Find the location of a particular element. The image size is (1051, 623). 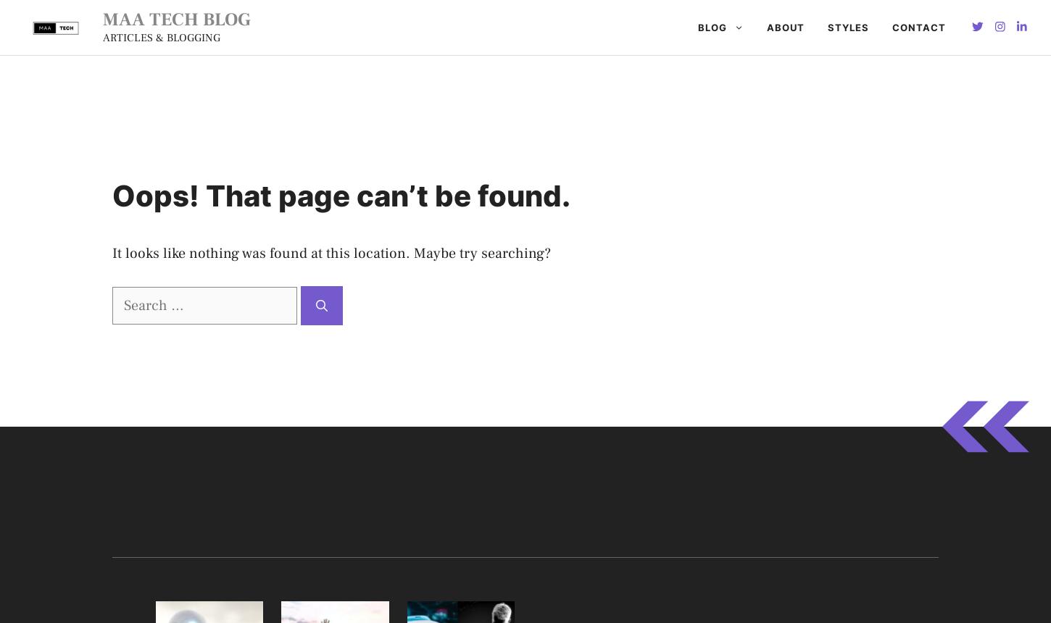

'Science' is located at coordinates (500, 250).